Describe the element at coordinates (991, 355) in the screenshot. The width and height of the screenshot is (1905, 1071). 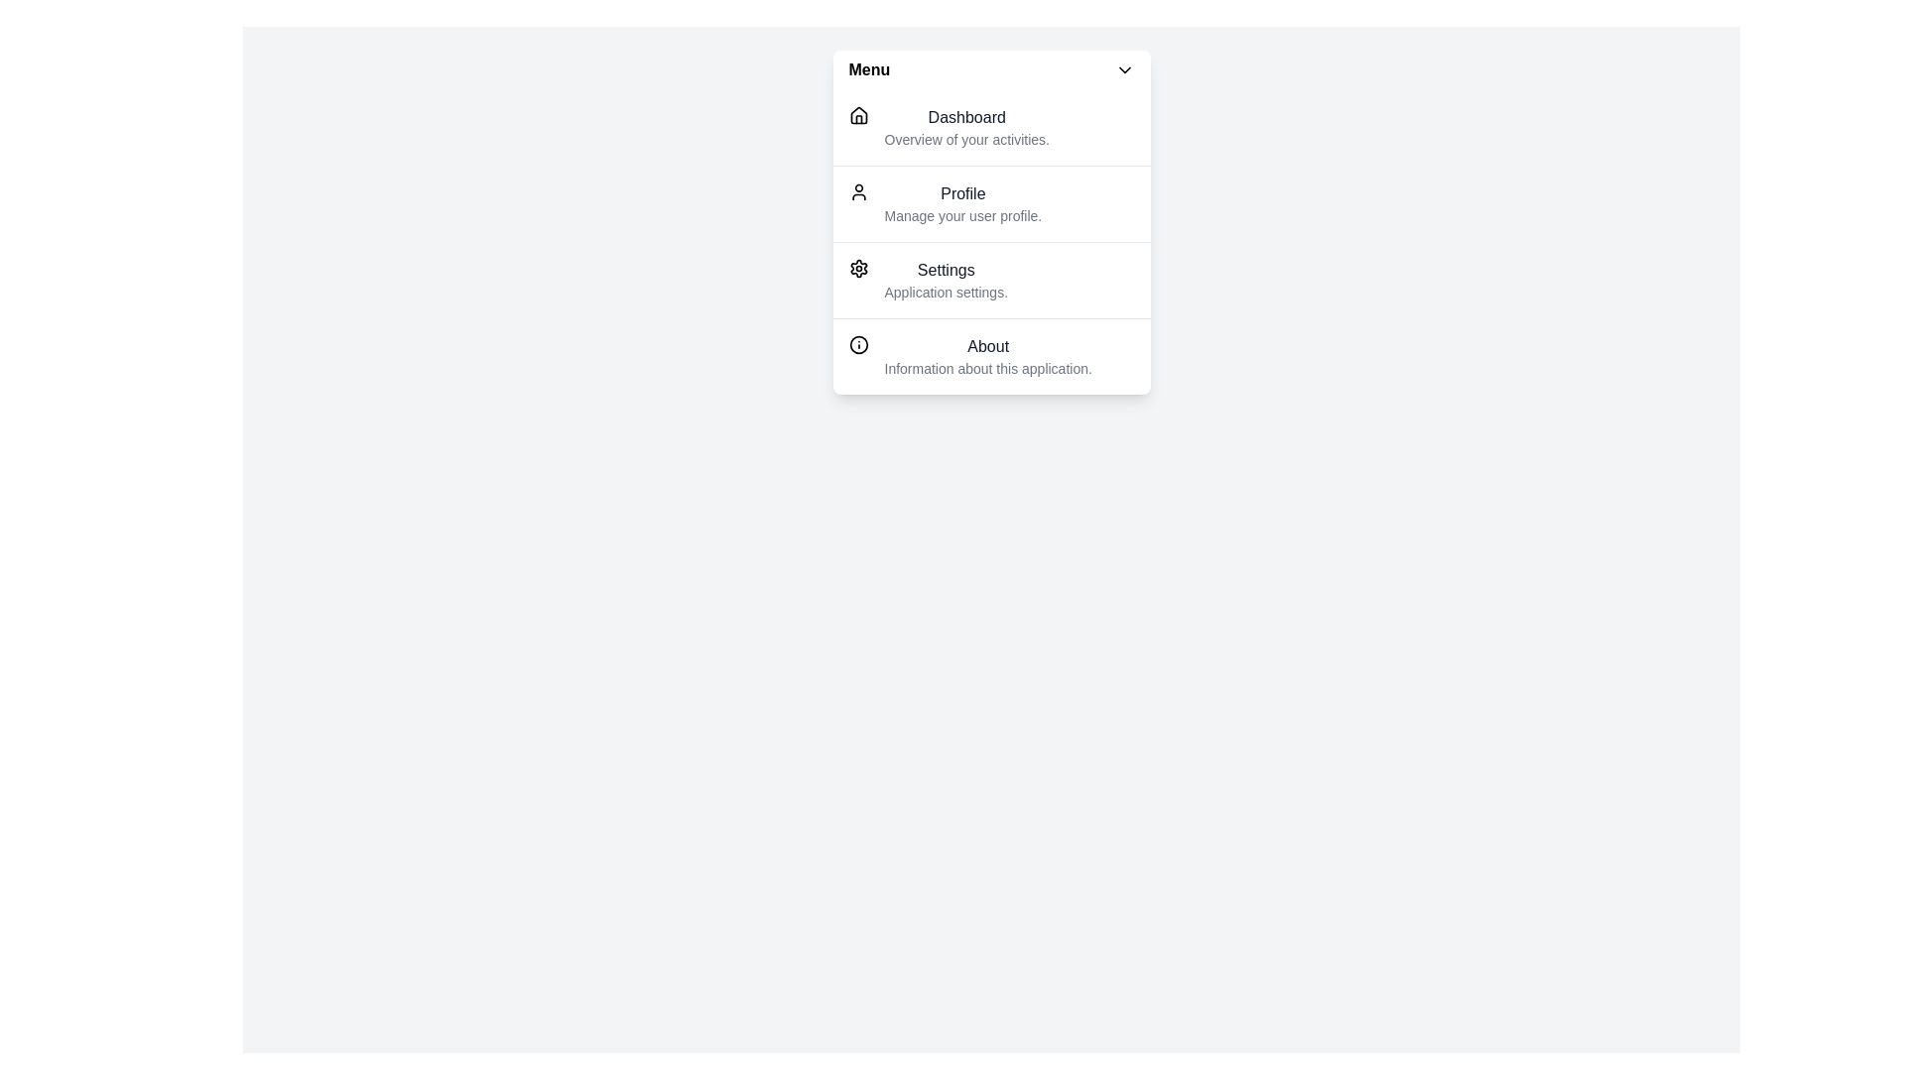
I see `the menu item About to see visual feedback` at that location.